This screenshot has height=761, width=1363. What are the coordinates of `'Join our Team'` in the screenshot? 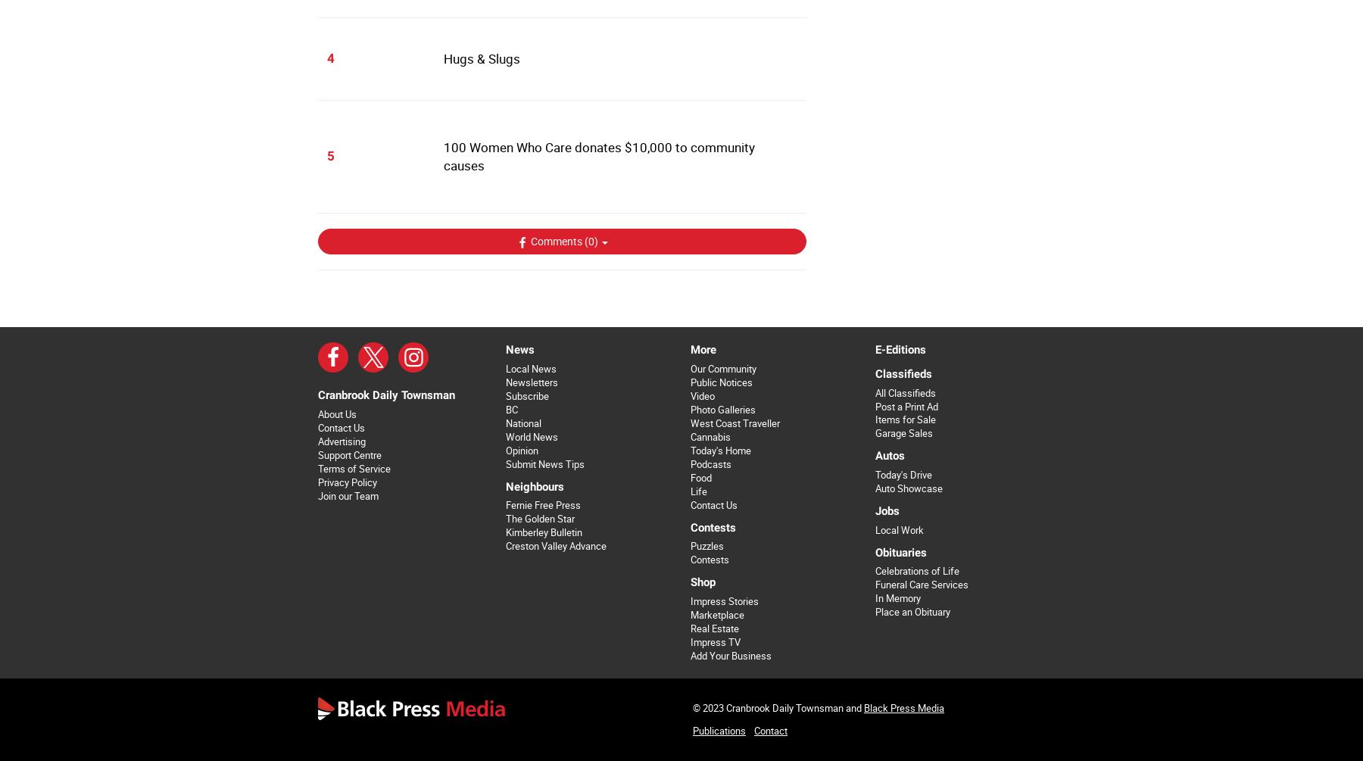 It's located at (348, 494).